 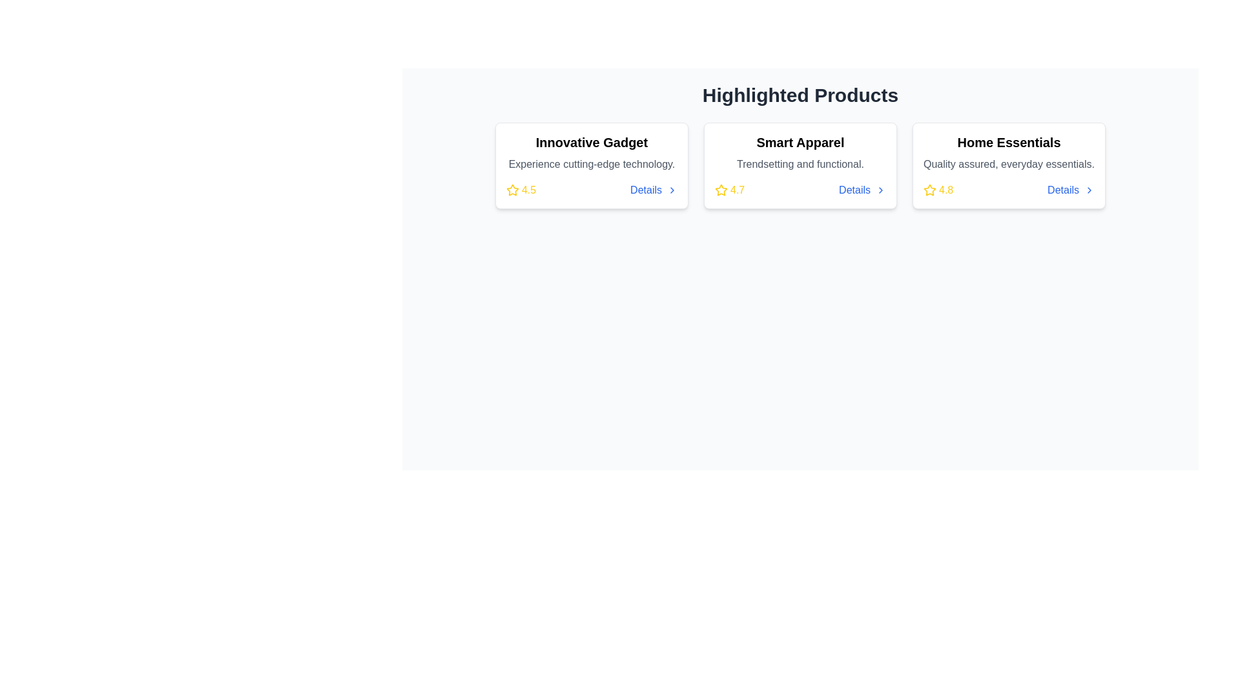 I want to click on the star icon of the '4.5' rating display component in the 'Innovative Gadget' card, which is styled in yellow and located in the top-left area of the card, so click(x=521, y=190).